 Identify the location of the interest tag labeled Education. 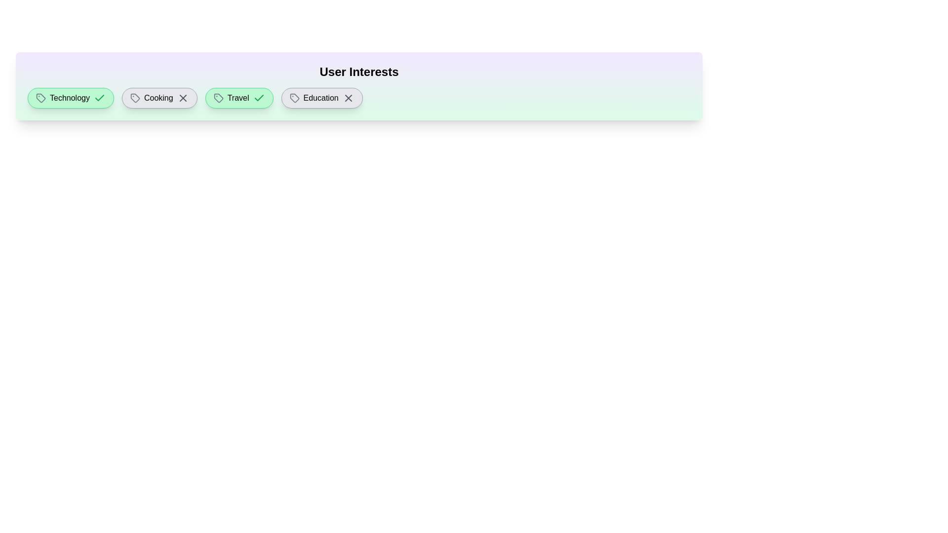
(322, 98).